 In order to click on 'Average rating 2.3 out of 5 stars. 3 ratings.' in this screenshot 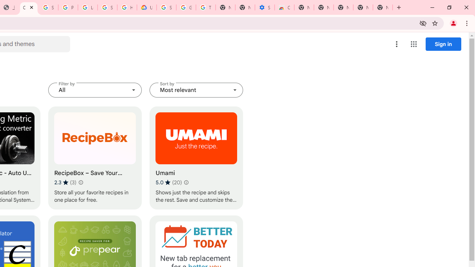, I will do `click(65, 182)`.